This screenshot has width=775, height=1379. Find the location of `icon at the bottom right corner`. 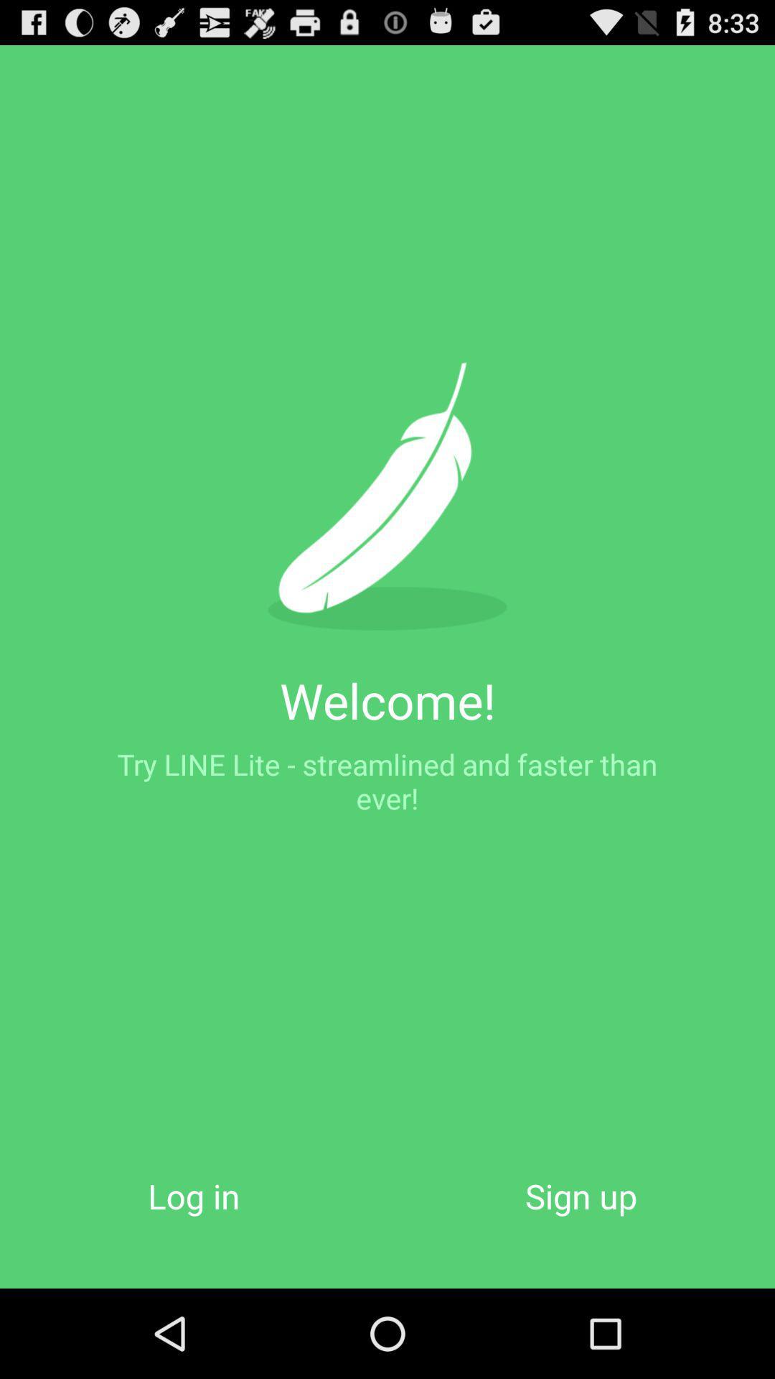

icon at the bottom right corner is located at coordinates (581, 1196).